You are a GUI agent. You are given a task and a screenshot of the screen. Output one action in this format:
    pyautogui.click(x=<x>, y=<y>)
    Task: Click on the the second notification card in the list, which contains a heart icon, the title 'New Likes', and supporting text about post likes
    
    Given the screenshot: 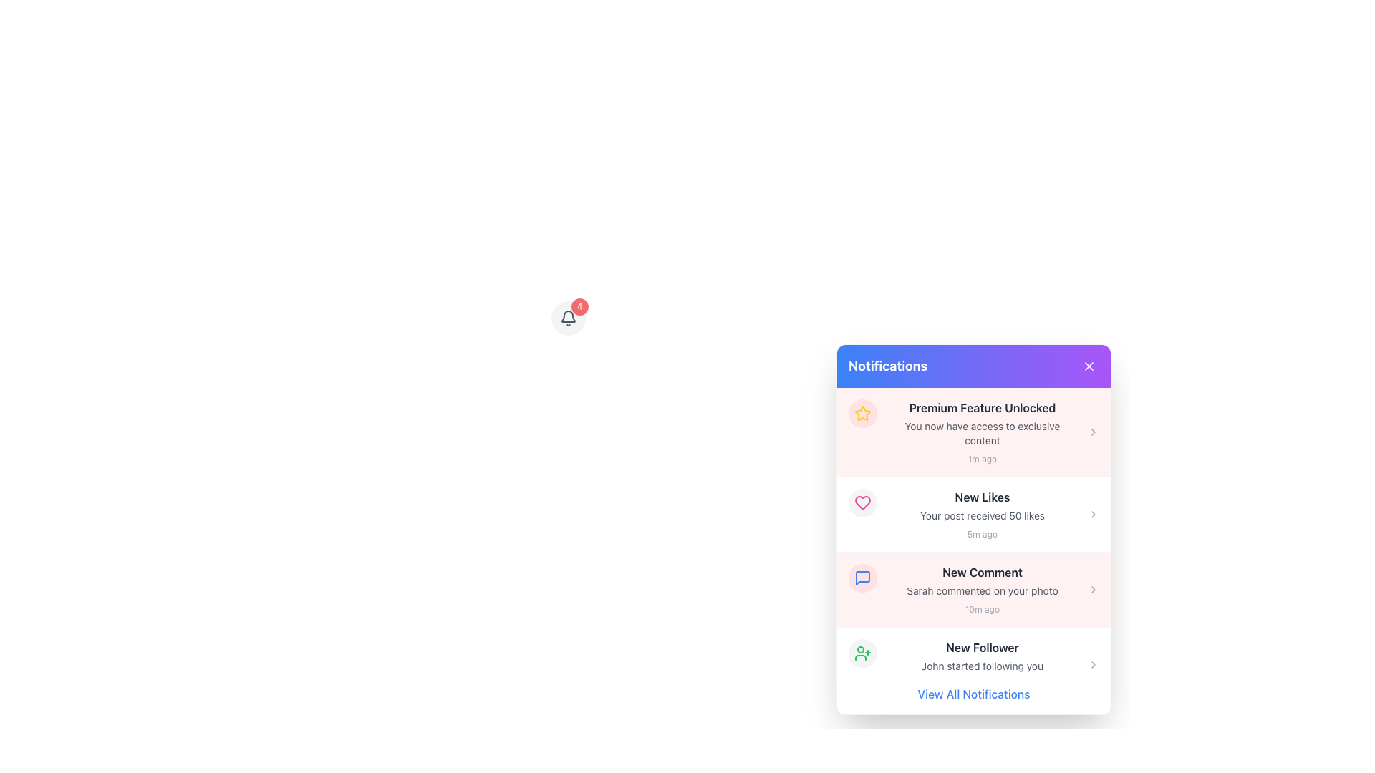 What is the action you would take?
    pyautogui.click(x=973, y=513)
    